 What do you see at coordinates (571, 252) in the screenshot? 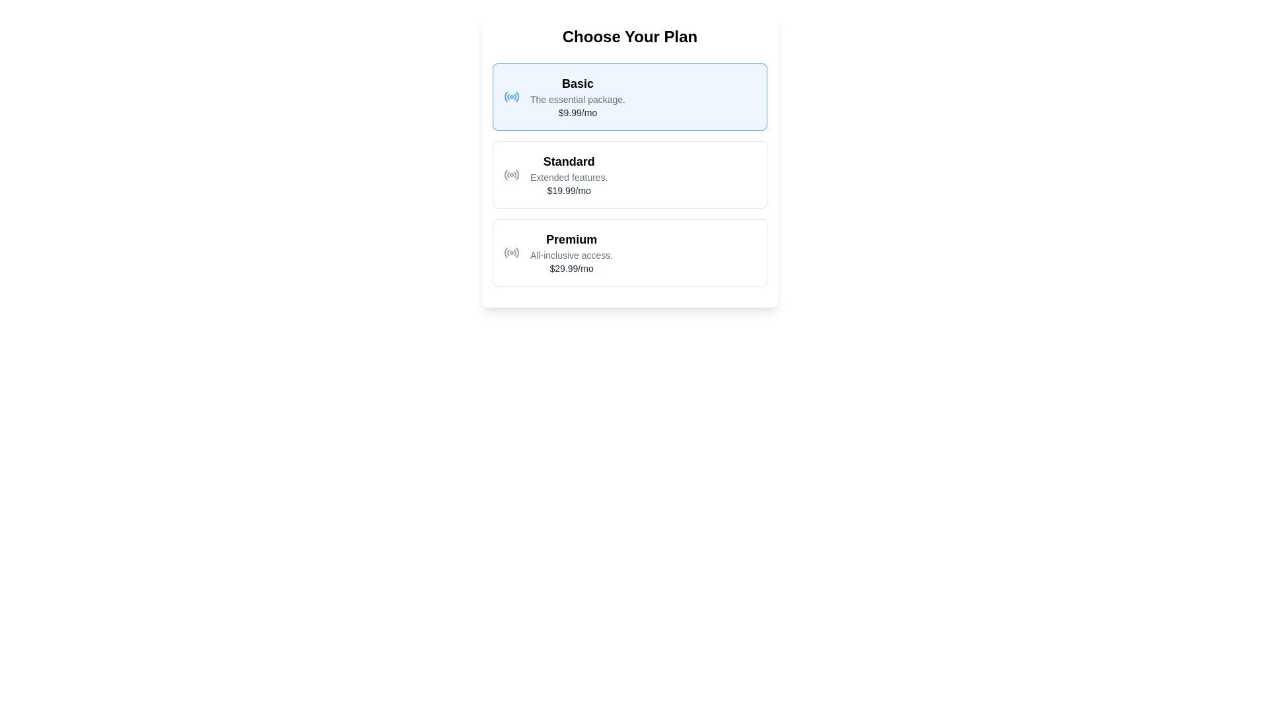
I see `the 'Premium' plan by clicking on the Descriptive Plan Information Block located in the 'Choose Your Plan' interface, which displays the text 'Premium', 'All-inclusive access', and '$29.99/mo'` at bounding box center [571, 252].